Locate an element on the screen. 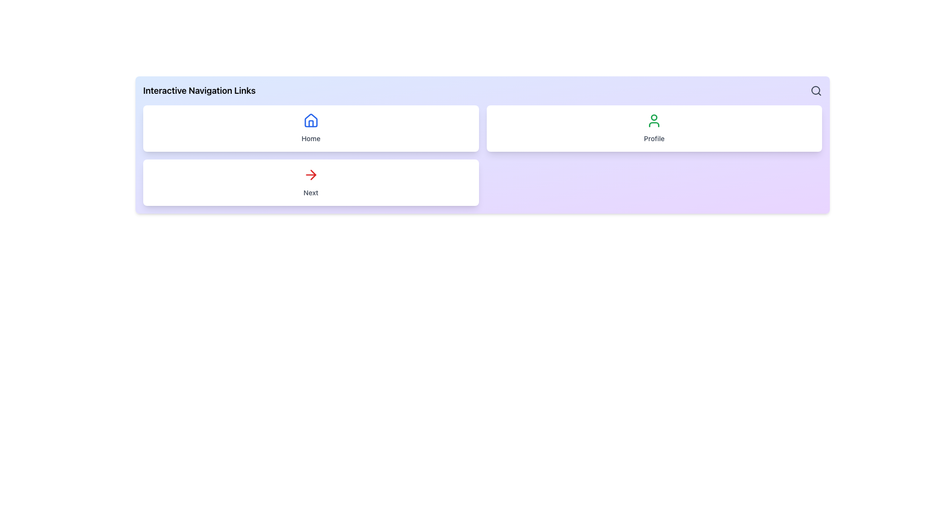  the 'Home' text label, which is a decorative element indicating the main navigation section, located within a white card in the top-left section of the interface is located at coordinates (311, 138).